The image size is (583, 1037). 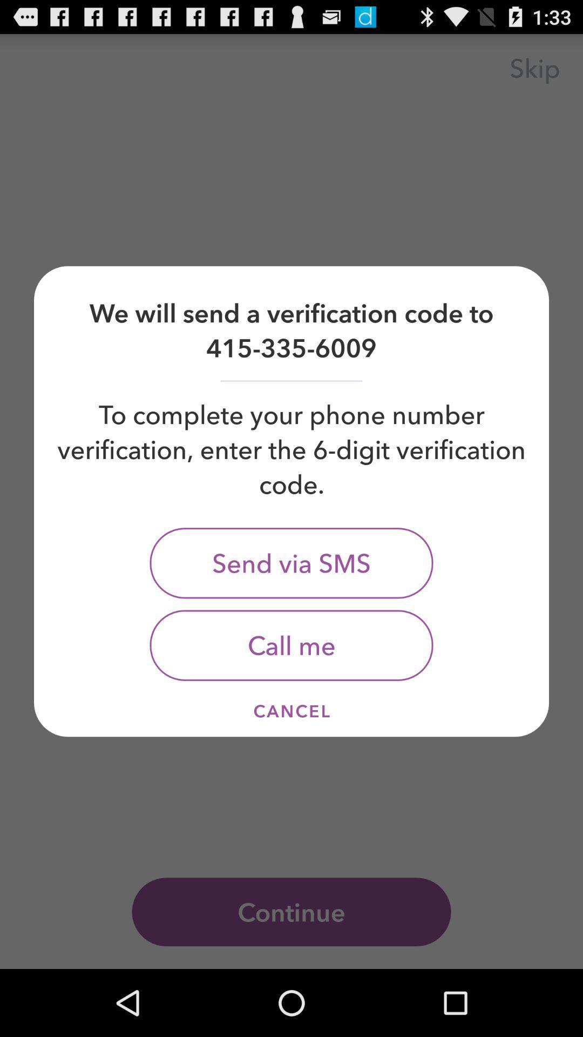 I want to click on icon below to complete your item, so click(x=291, y=562).